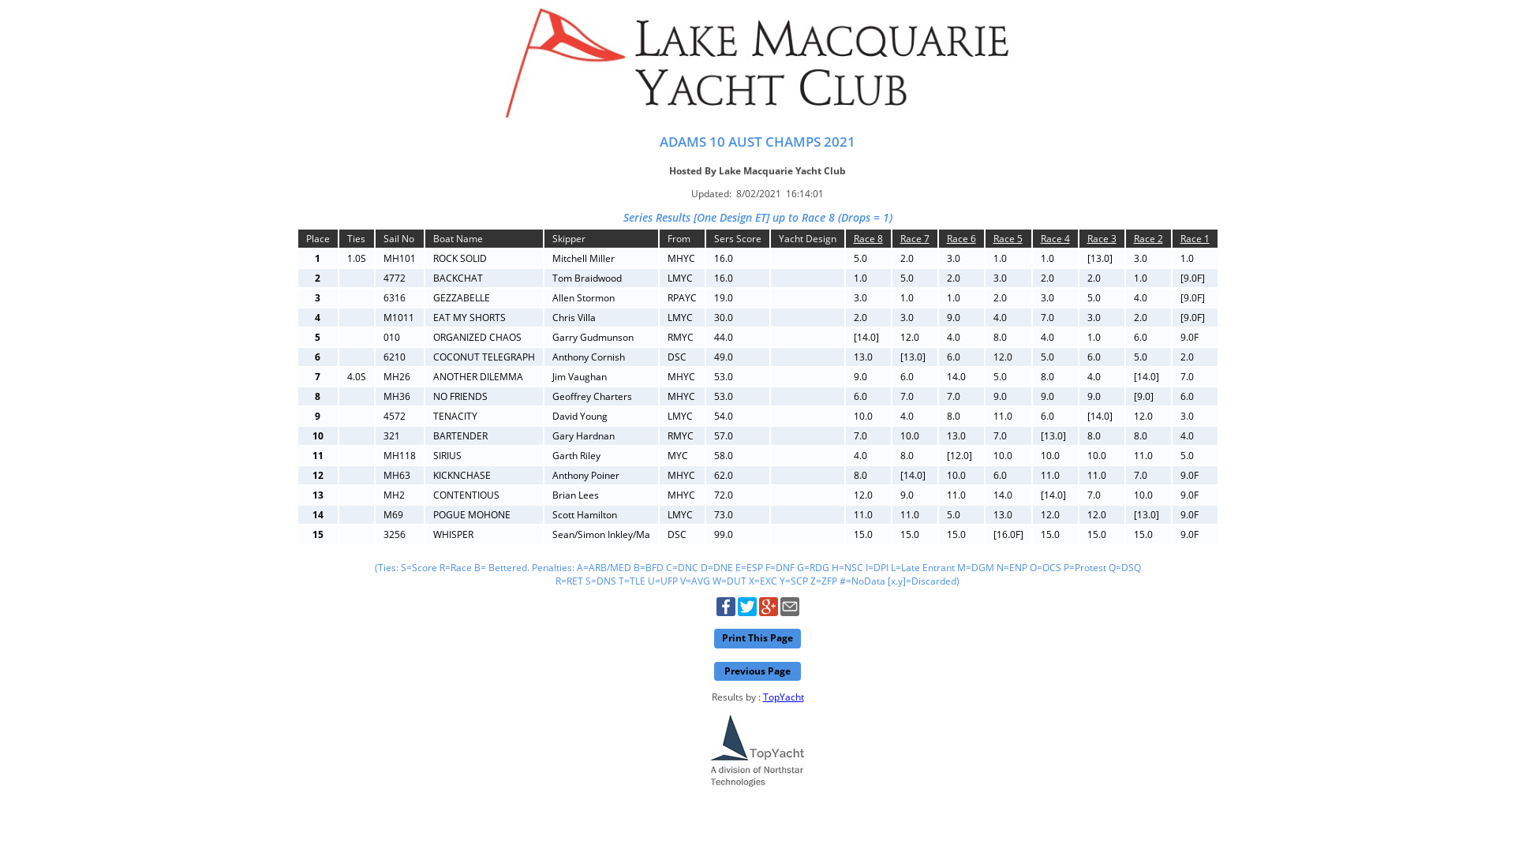  I want to click on 'Share on Google+', so click(769, 611).